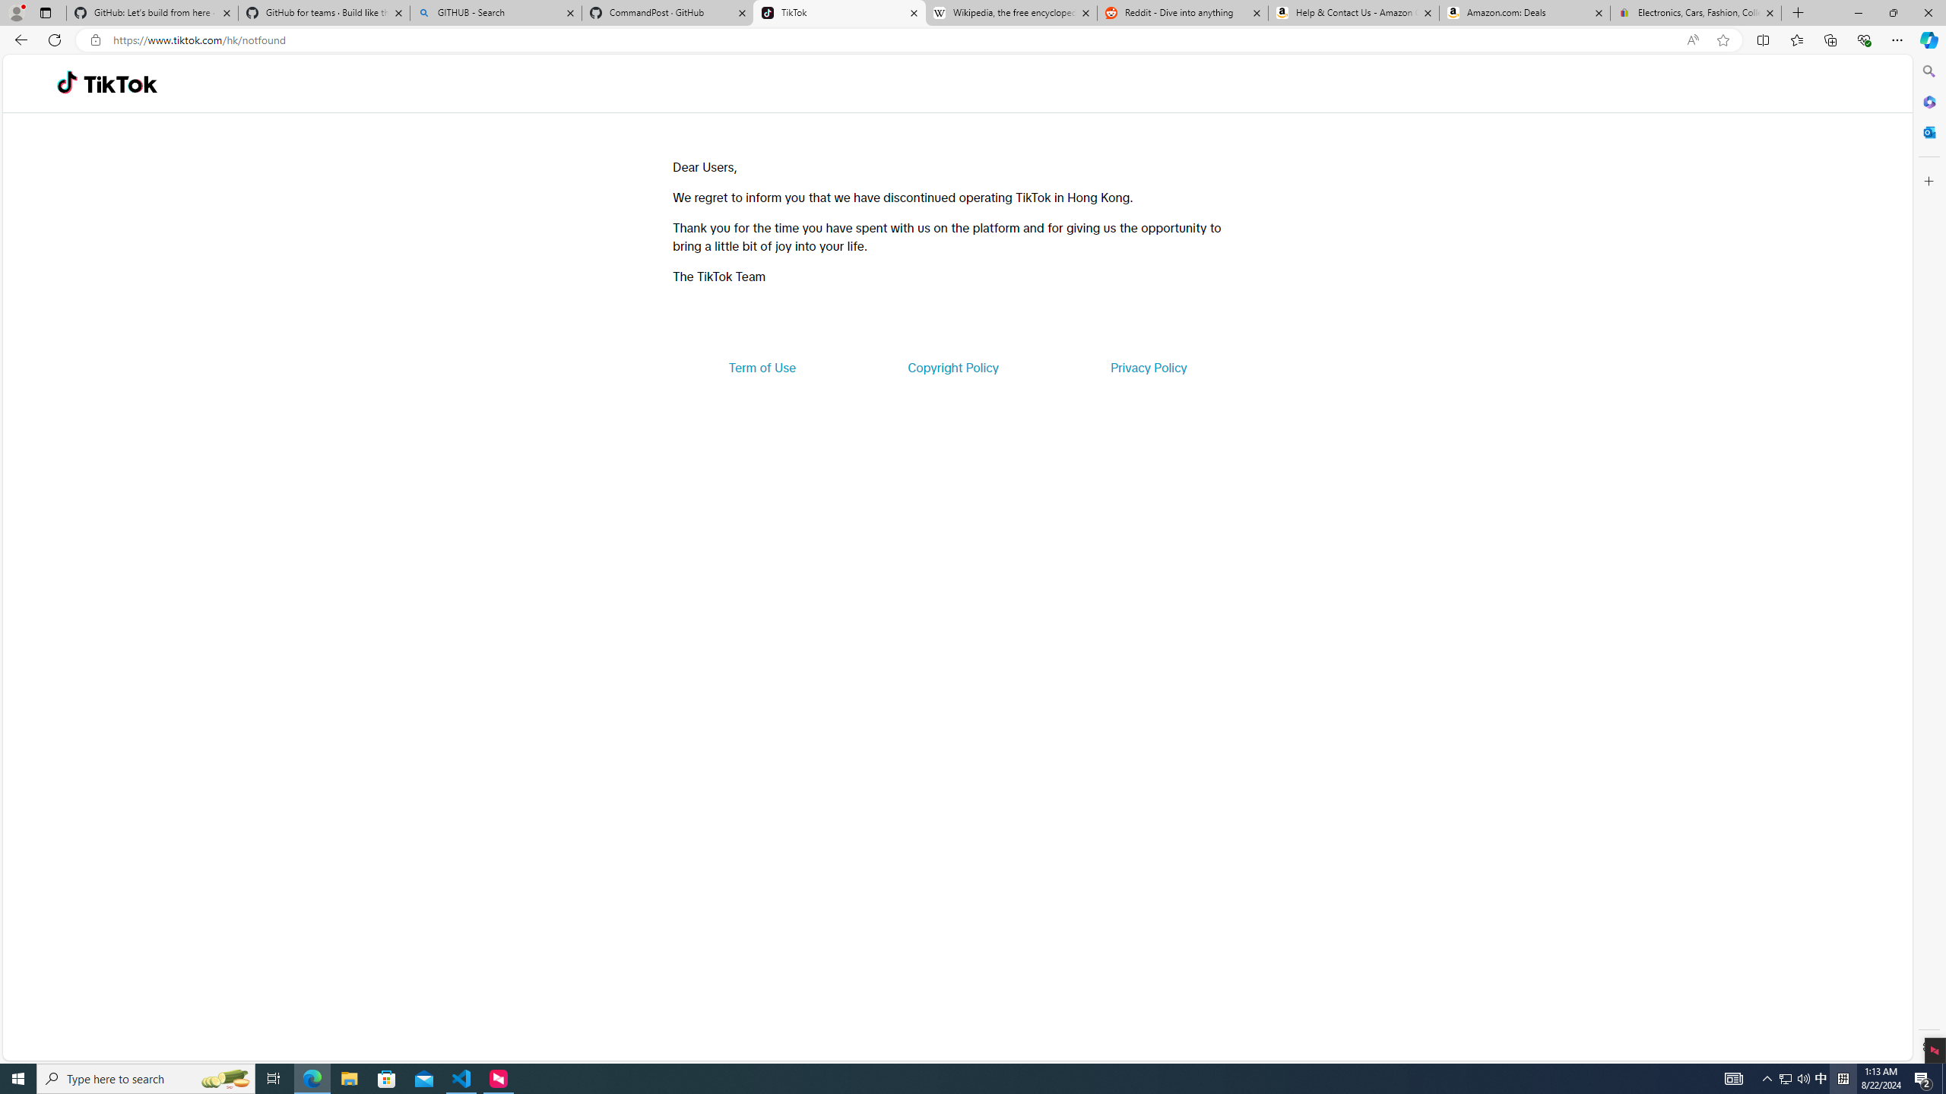 The width and height of the screenshot is (1946, 1094). I want to click on 'GITHUB - Search', so click(495, 12).